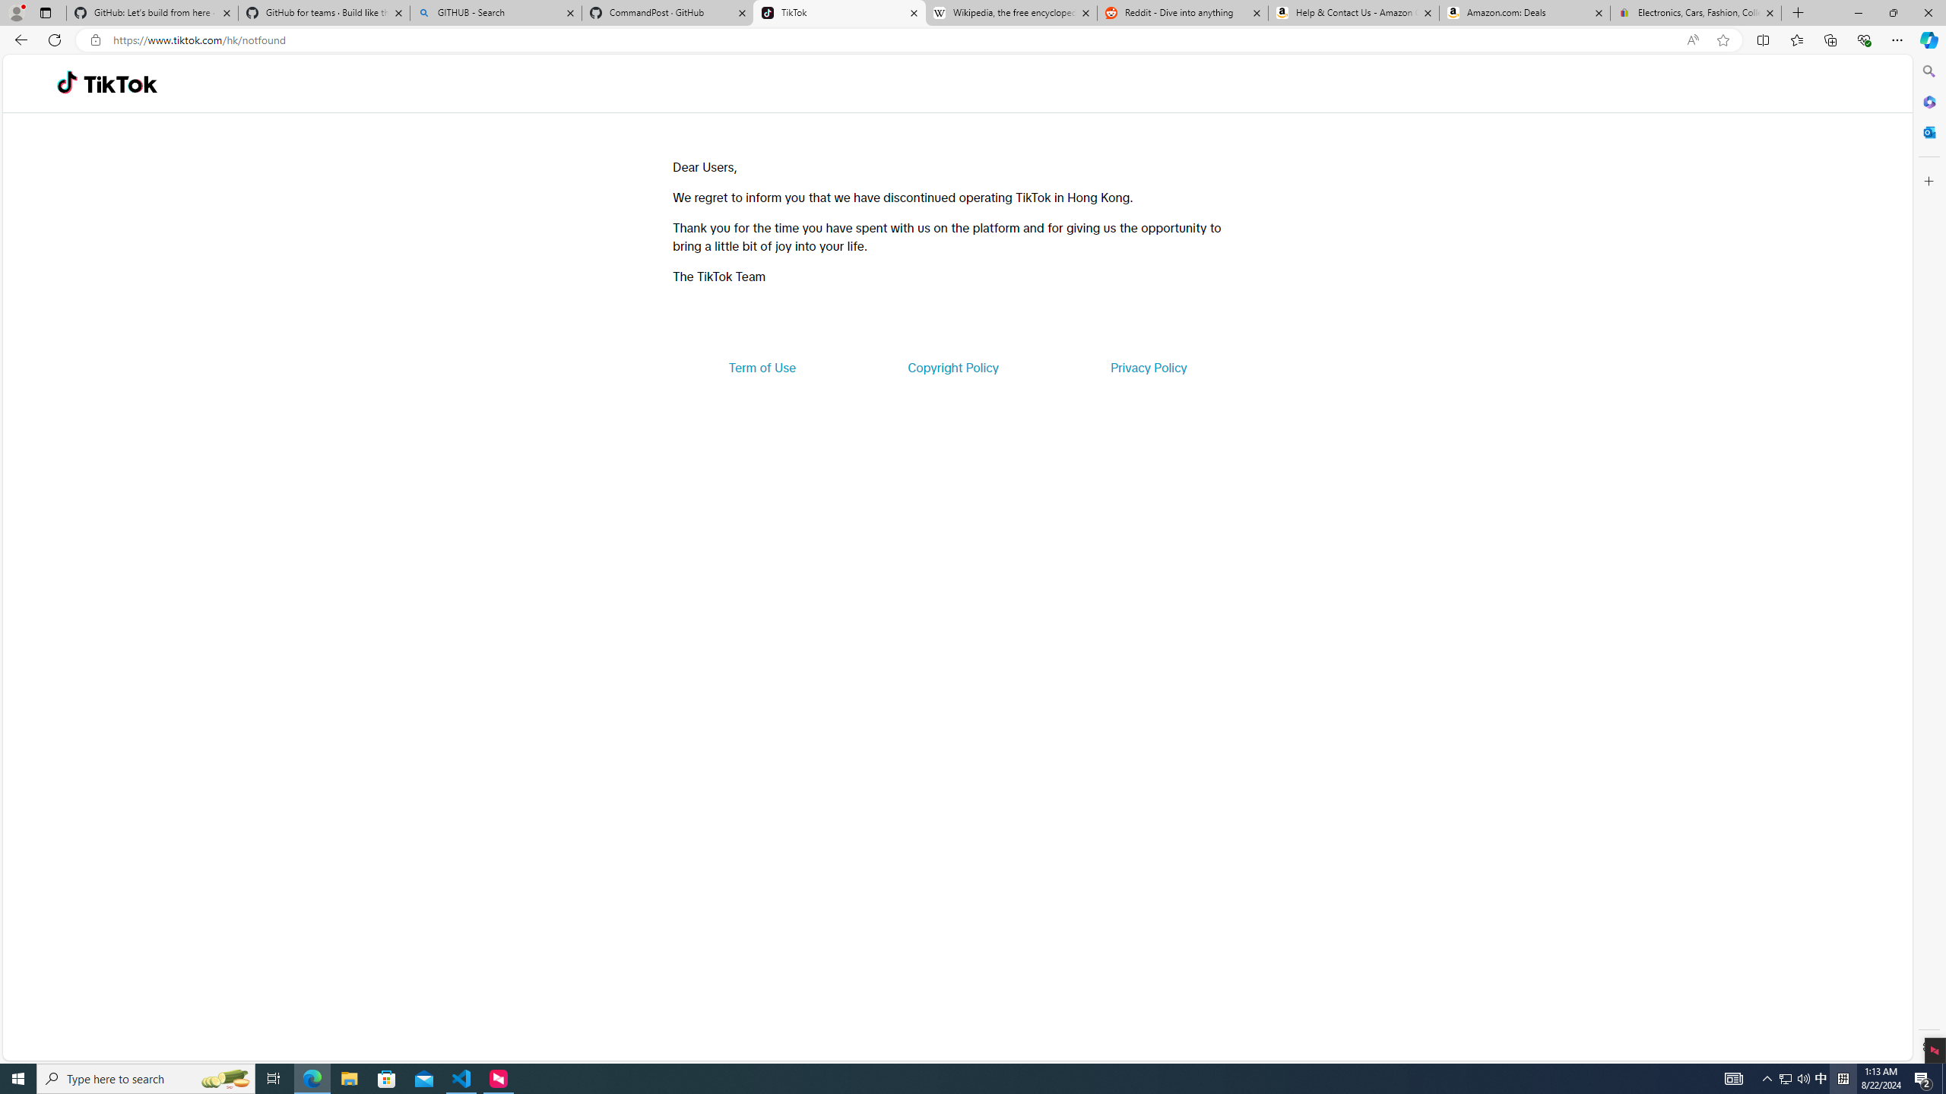 The width and height of the screenshot is (1946, 1094). I want to click on 'GITHUB - Search', so click(495, 12).